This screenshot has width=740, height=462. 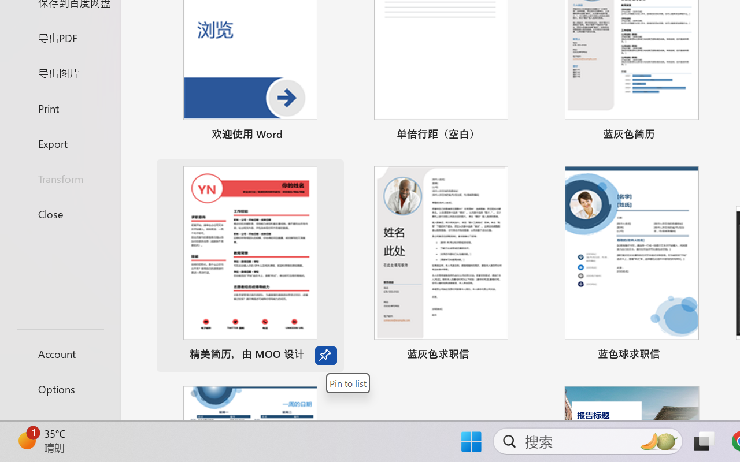 I want to click on 'Pin to list', so click(x=347, y=382).